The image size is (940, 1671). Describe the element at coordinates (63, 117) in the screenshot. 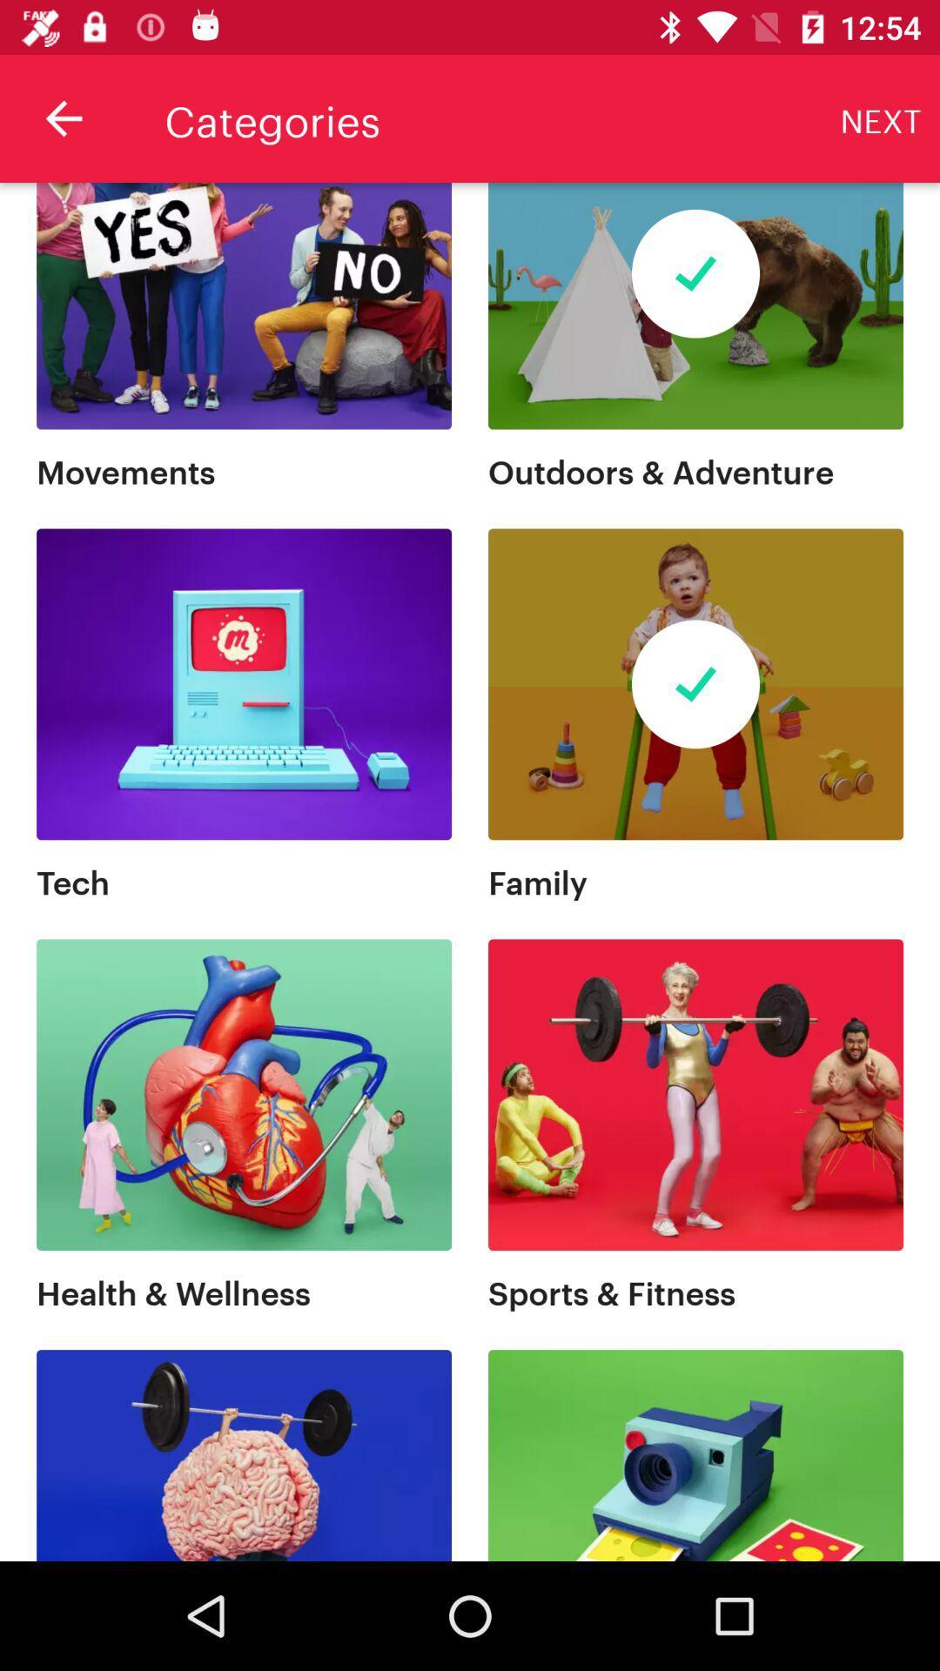

I see `the item next to categories` at that location.